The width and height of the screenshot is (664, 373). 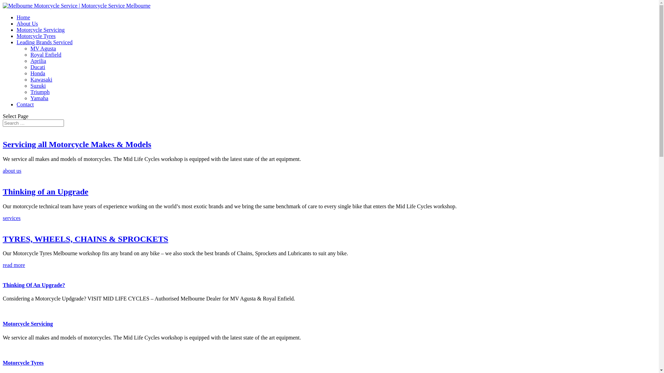 I want to click on 'Thinking of an Upgrade', so click(x=45, y=192).